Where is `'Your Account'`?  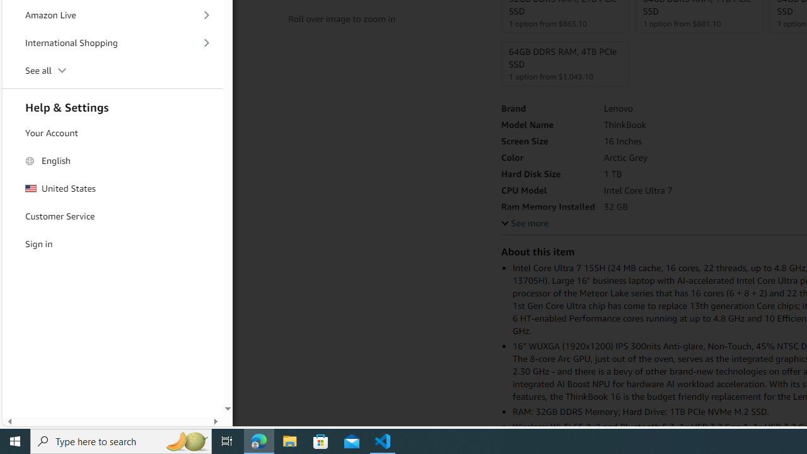 'Your Account' is located at coordinates (113, 134).